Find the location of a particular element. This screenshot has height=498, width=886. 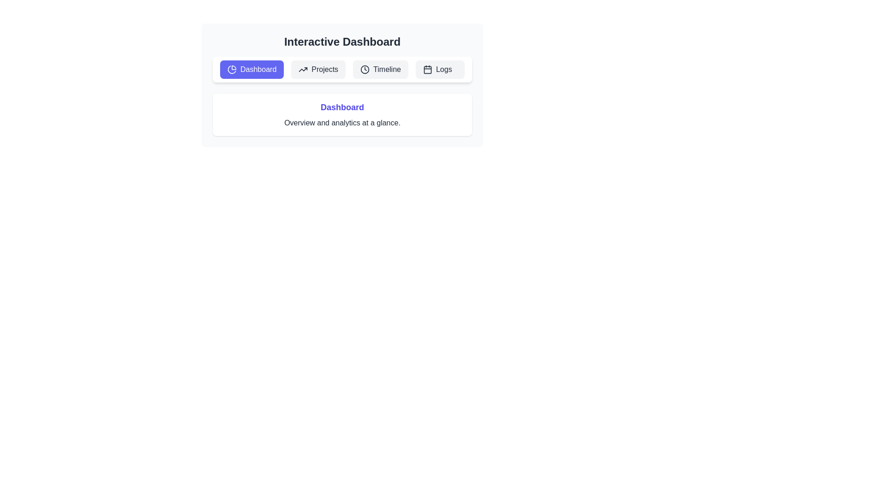

the 'Timeline' text label within the horizontal navigation bar is located at coordinates (387, 69).